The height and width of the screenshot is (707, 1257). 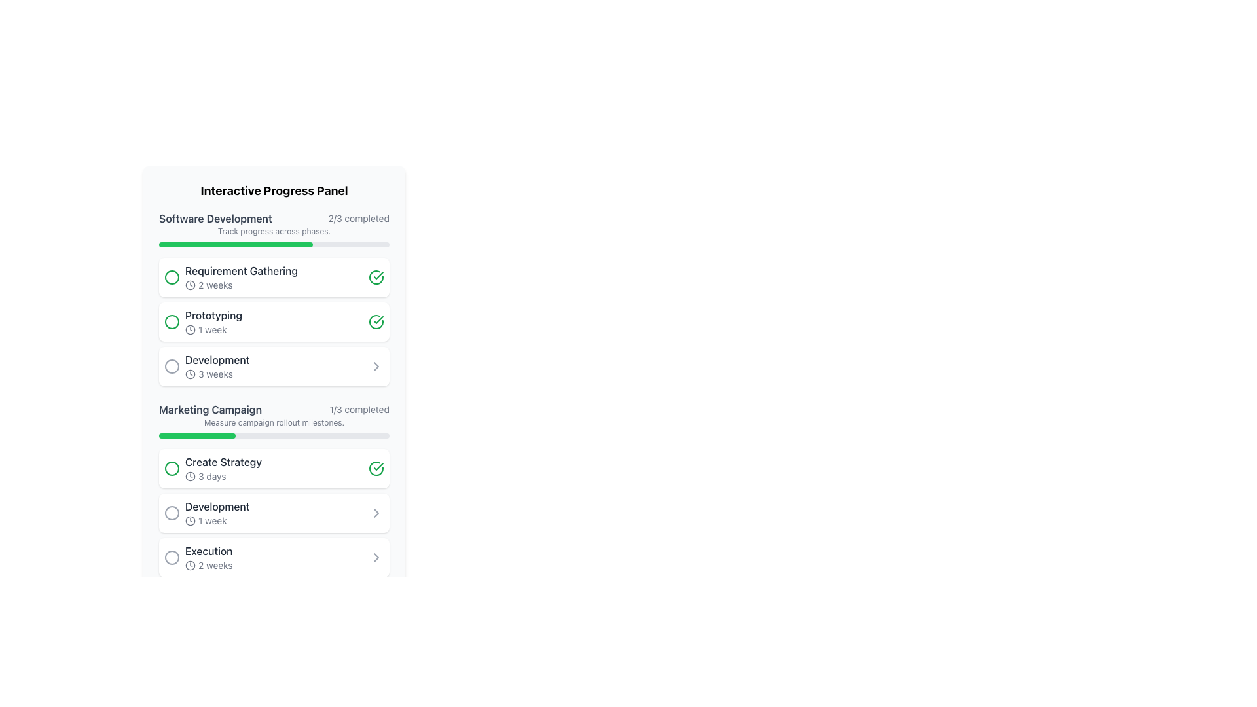 I want to click on the Descriptive List Item that describes the phase 'Development' under 'Marketing Campaign', located between 'Create Strategy' and 'Execution', so click(x=206, y=512).